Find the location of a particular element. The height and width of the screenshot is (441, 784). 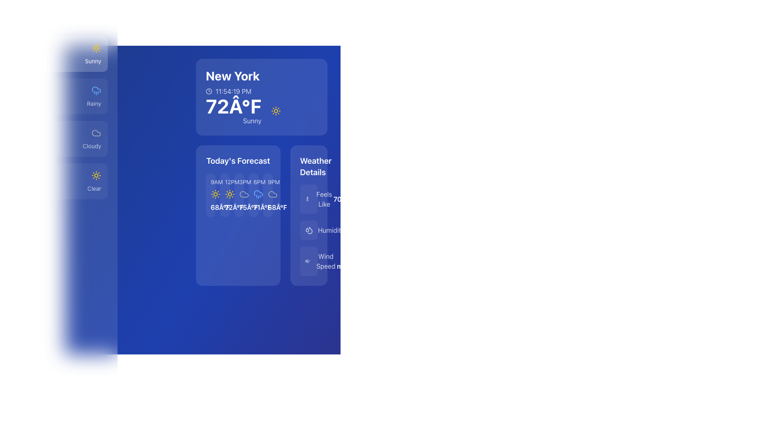

the sun icon, which is a circular yellow icon with radial lines, located to the right of the temperature display '72°F Sunny' is located at coordinates (276, 111).